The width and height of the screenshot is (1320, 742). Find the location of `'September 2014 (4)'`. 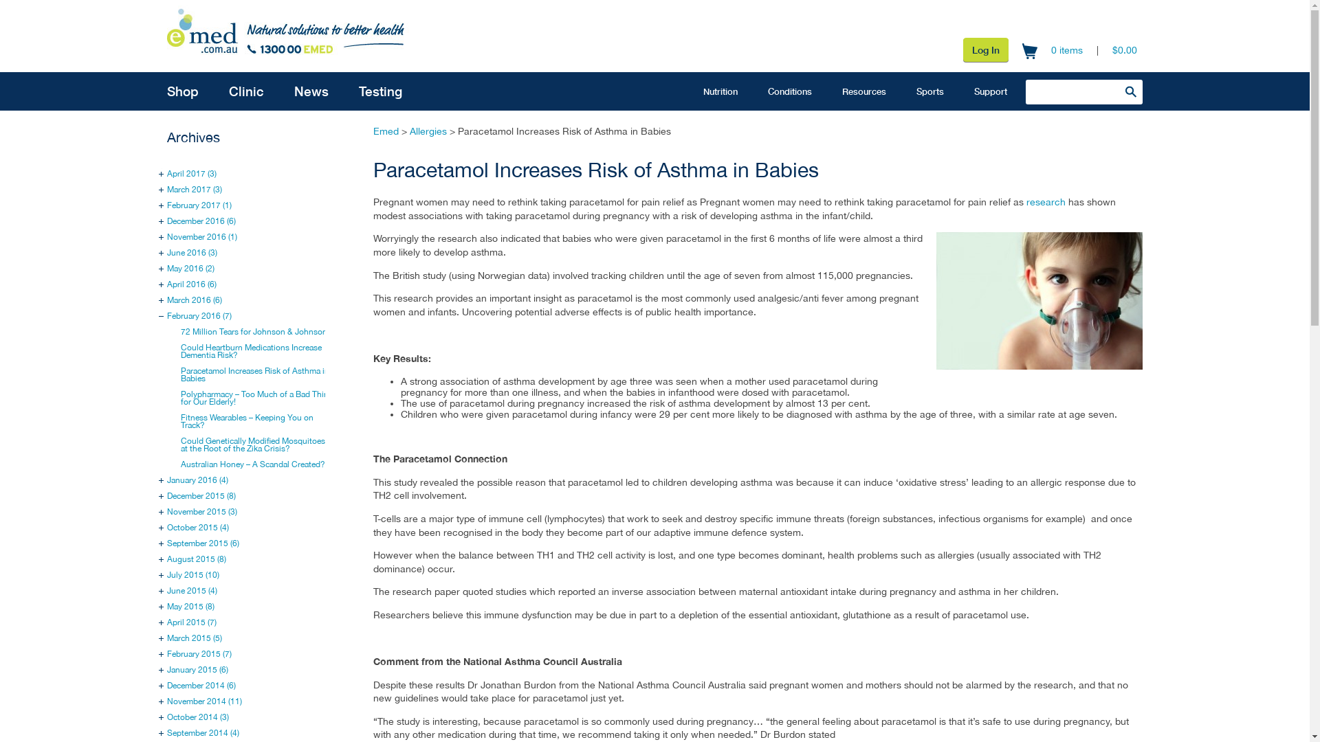

'September 2014 (4)' is located at coordinates (202, 732).